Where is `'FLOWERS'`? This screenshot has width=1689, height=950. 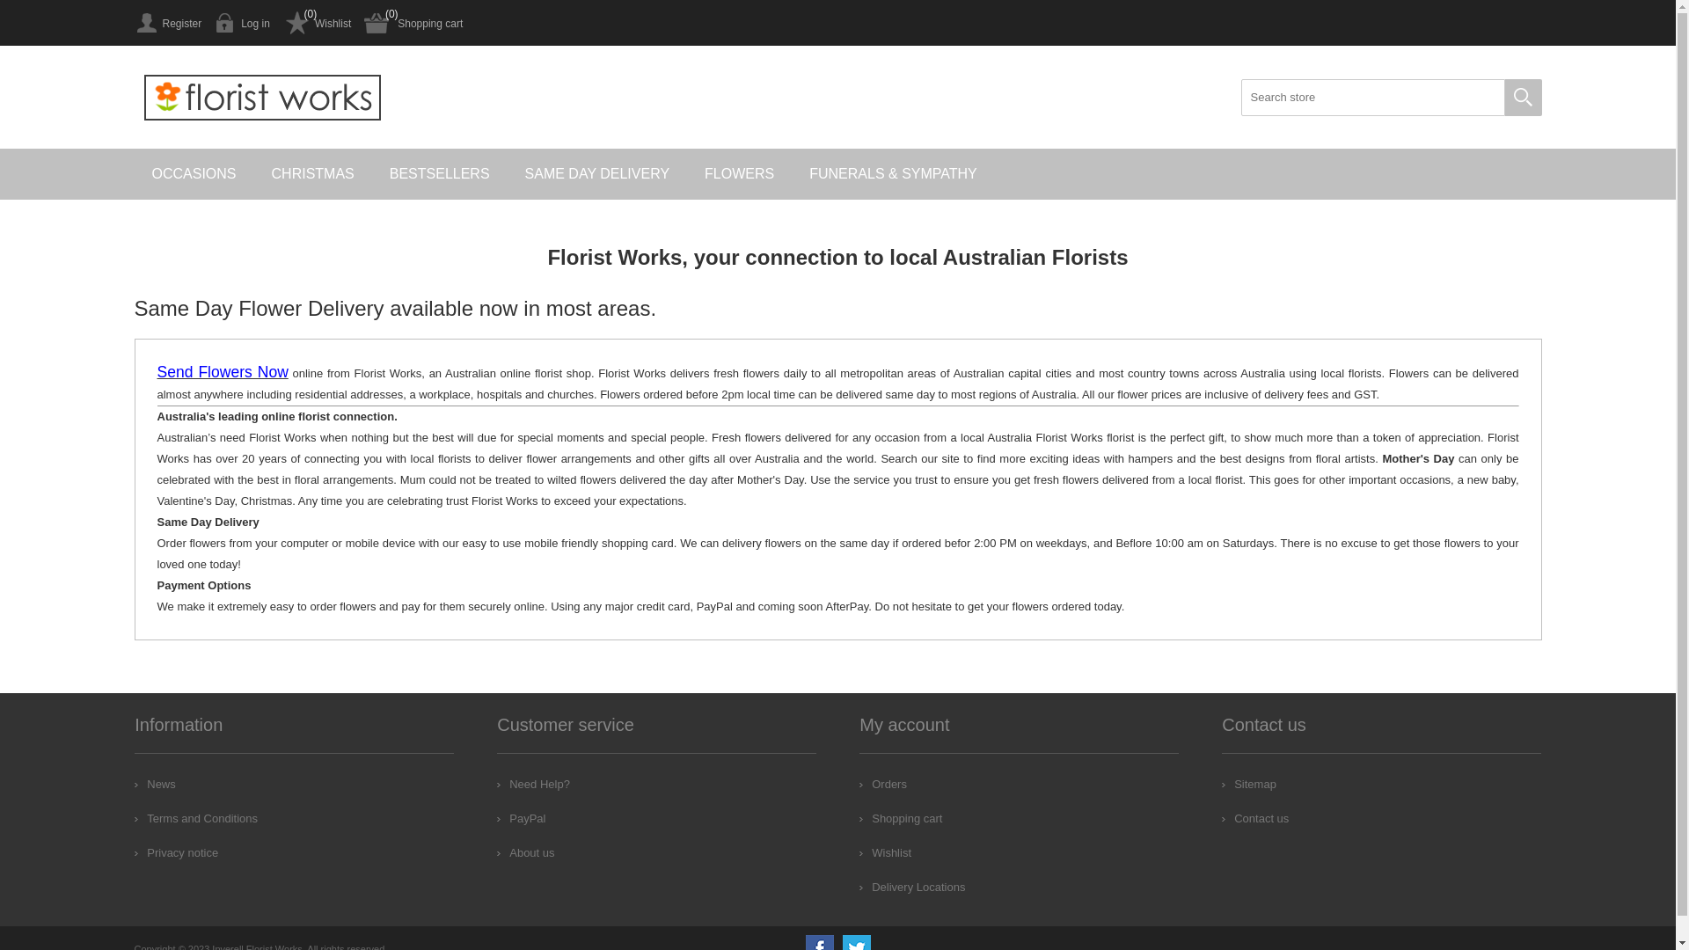 'FLOWERS' is located at coordinates (739, 173).